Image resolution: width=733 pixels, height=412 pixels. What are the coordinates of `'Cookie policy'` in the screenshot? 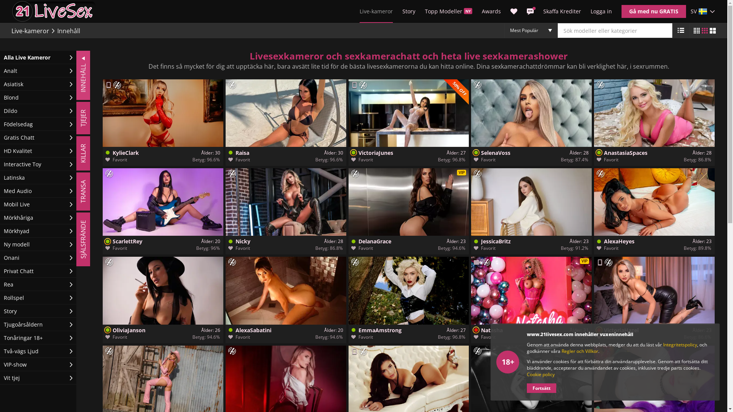 It's located at (526, 374).